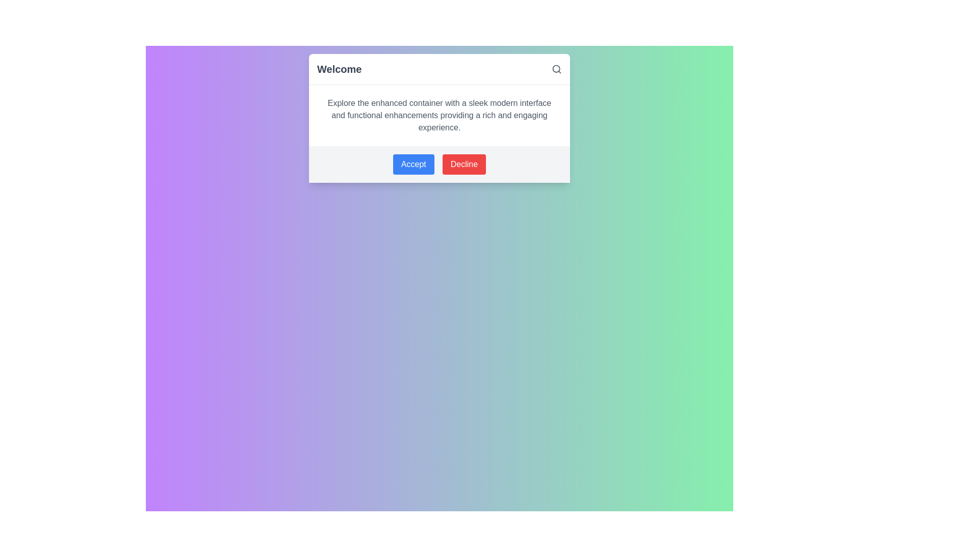  Describe the element at coordinates (414, 164) in the screenshot. I see `the 'Accept' button by focusing on it through keyboard for accessibility purposes` at that location.